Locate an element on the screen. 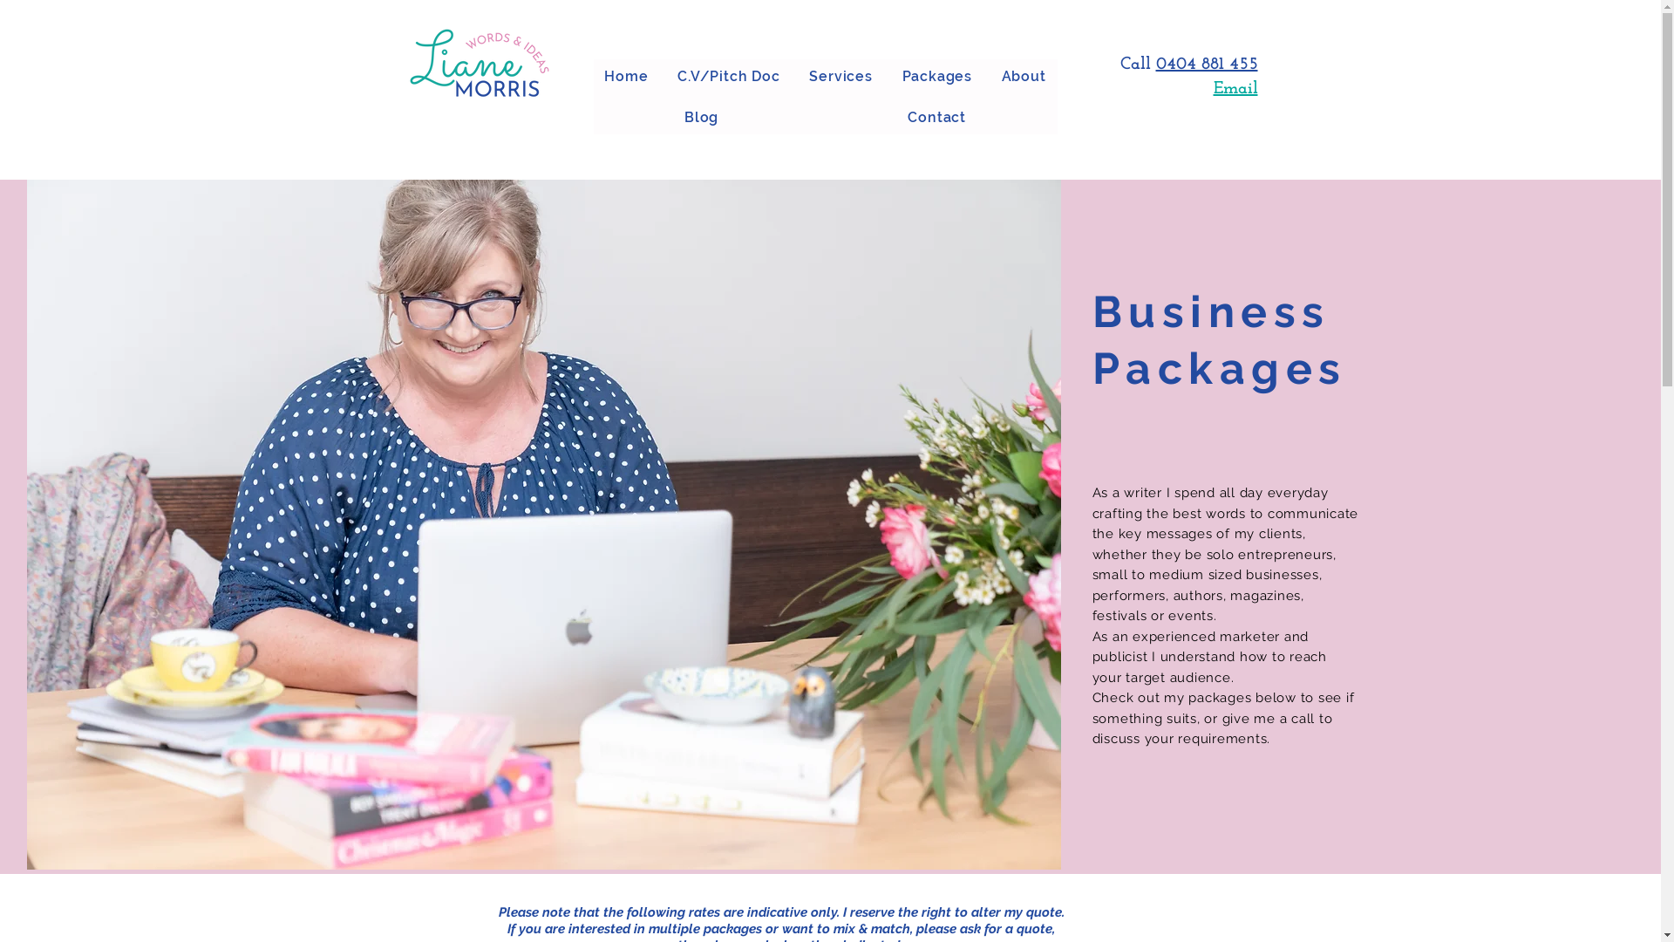 Image resolution: width=1674 pixels, height=942 pixels. '0404 881 455' is located at coordinates (1155, 63).